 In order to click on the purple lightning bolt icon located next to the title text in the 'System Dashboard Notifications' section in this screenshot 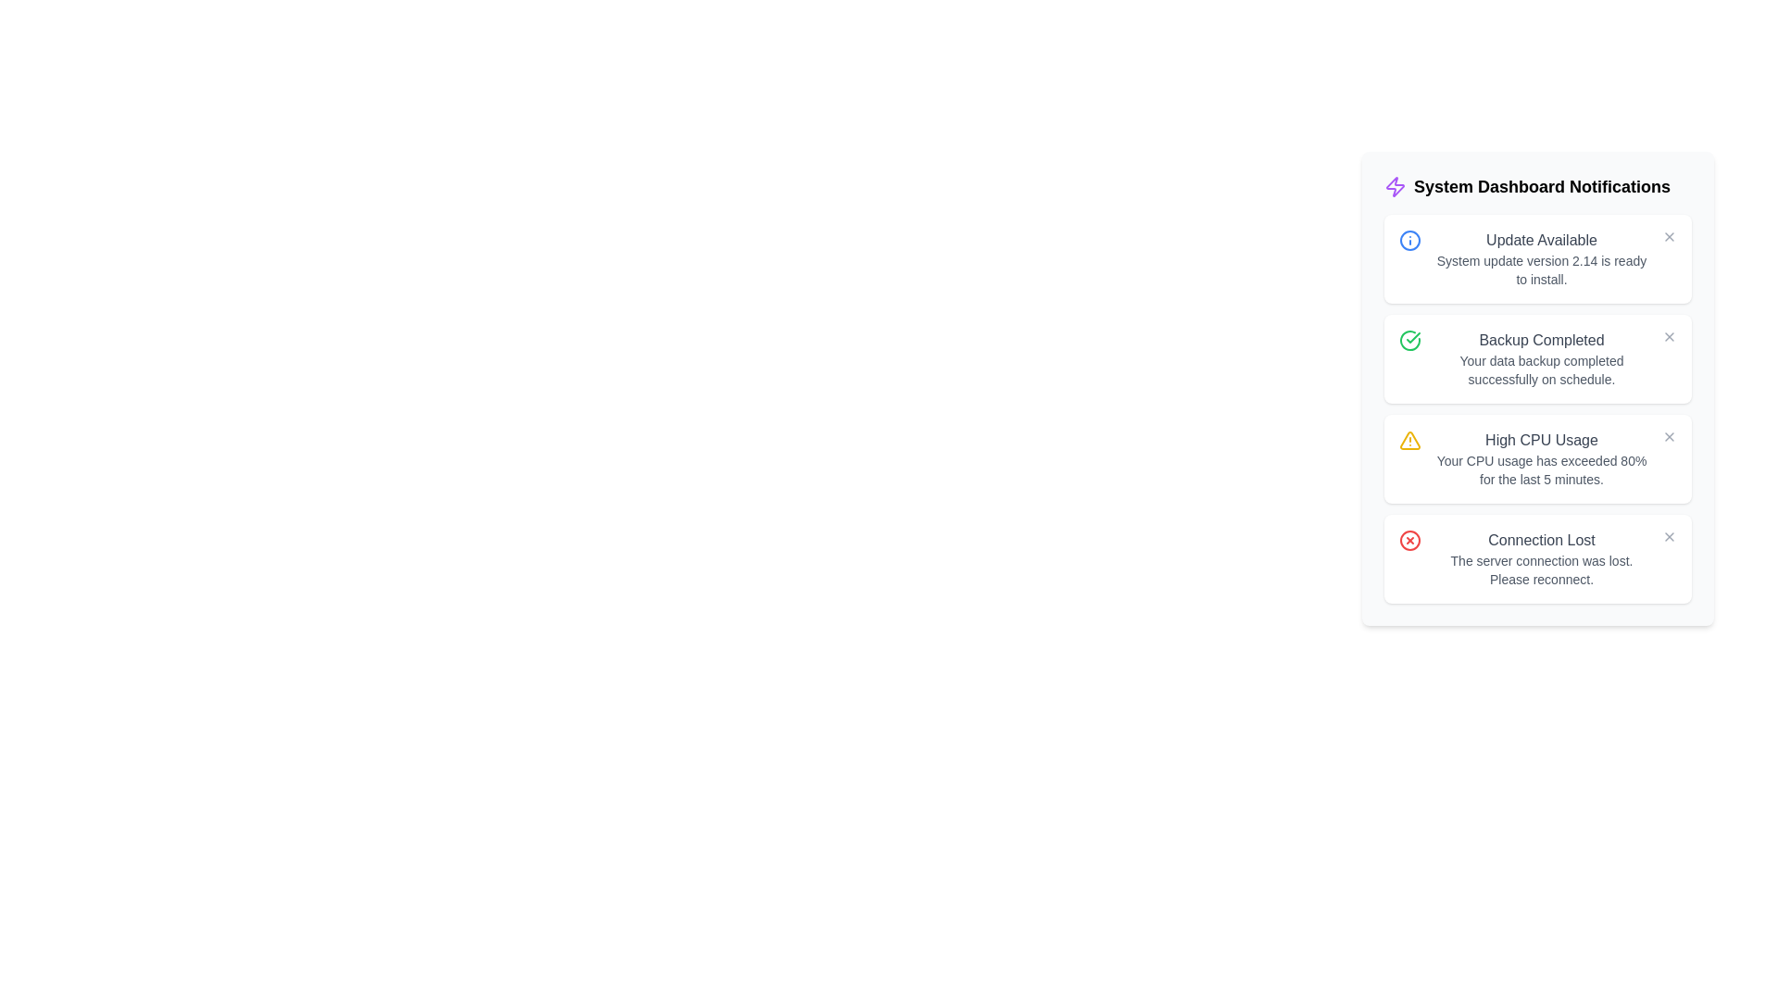, I will do `click(1396, 186)`.